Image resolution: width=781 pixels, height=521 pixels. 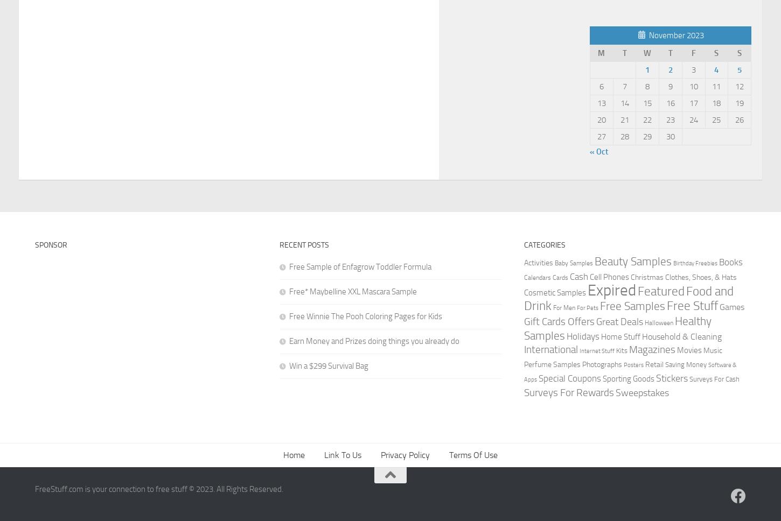 What do you see at coordinates (601, 86) in the screenshot?
I see `'6'` at bounding box center [601, 86].